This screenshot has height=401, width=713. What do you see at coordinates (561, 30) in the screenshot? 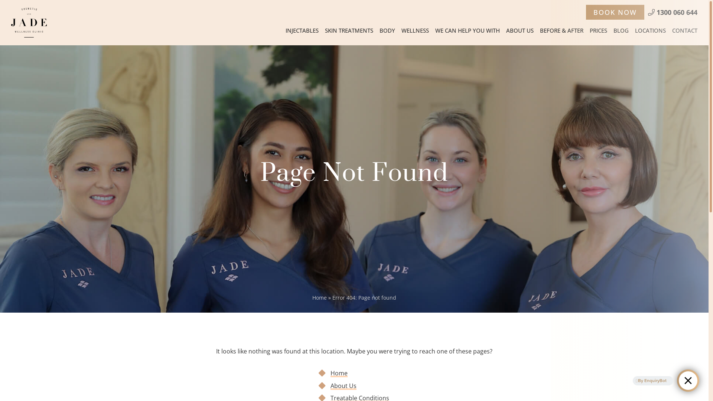
I see `'BEFORE & AFTER'` at bounding box center [561, 30].